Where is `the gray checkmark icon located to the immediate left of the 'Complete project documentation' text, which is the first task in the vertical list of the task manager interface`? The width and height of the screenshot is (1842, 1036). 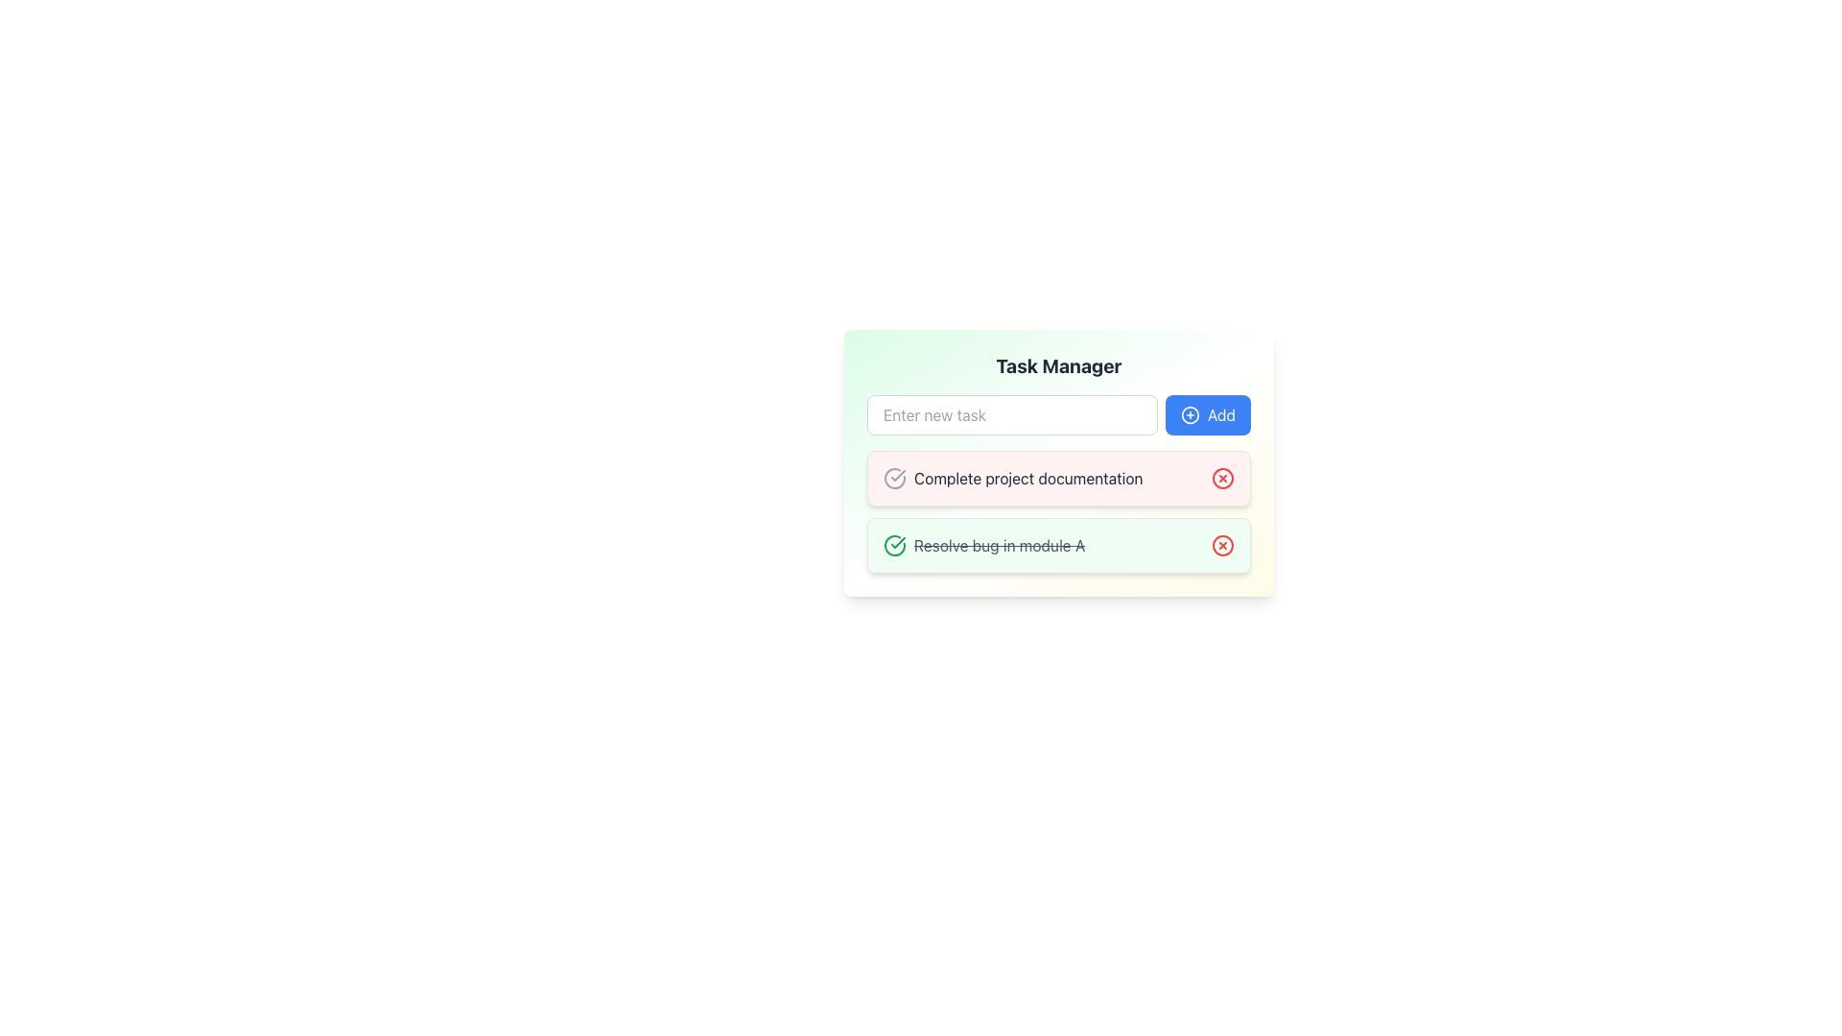
the gray checkmark icon located to the immediate left of the 'Complete project documentation' text, which is the first task in the vertical list of the task manager interface is located at coordinates (893, 477).